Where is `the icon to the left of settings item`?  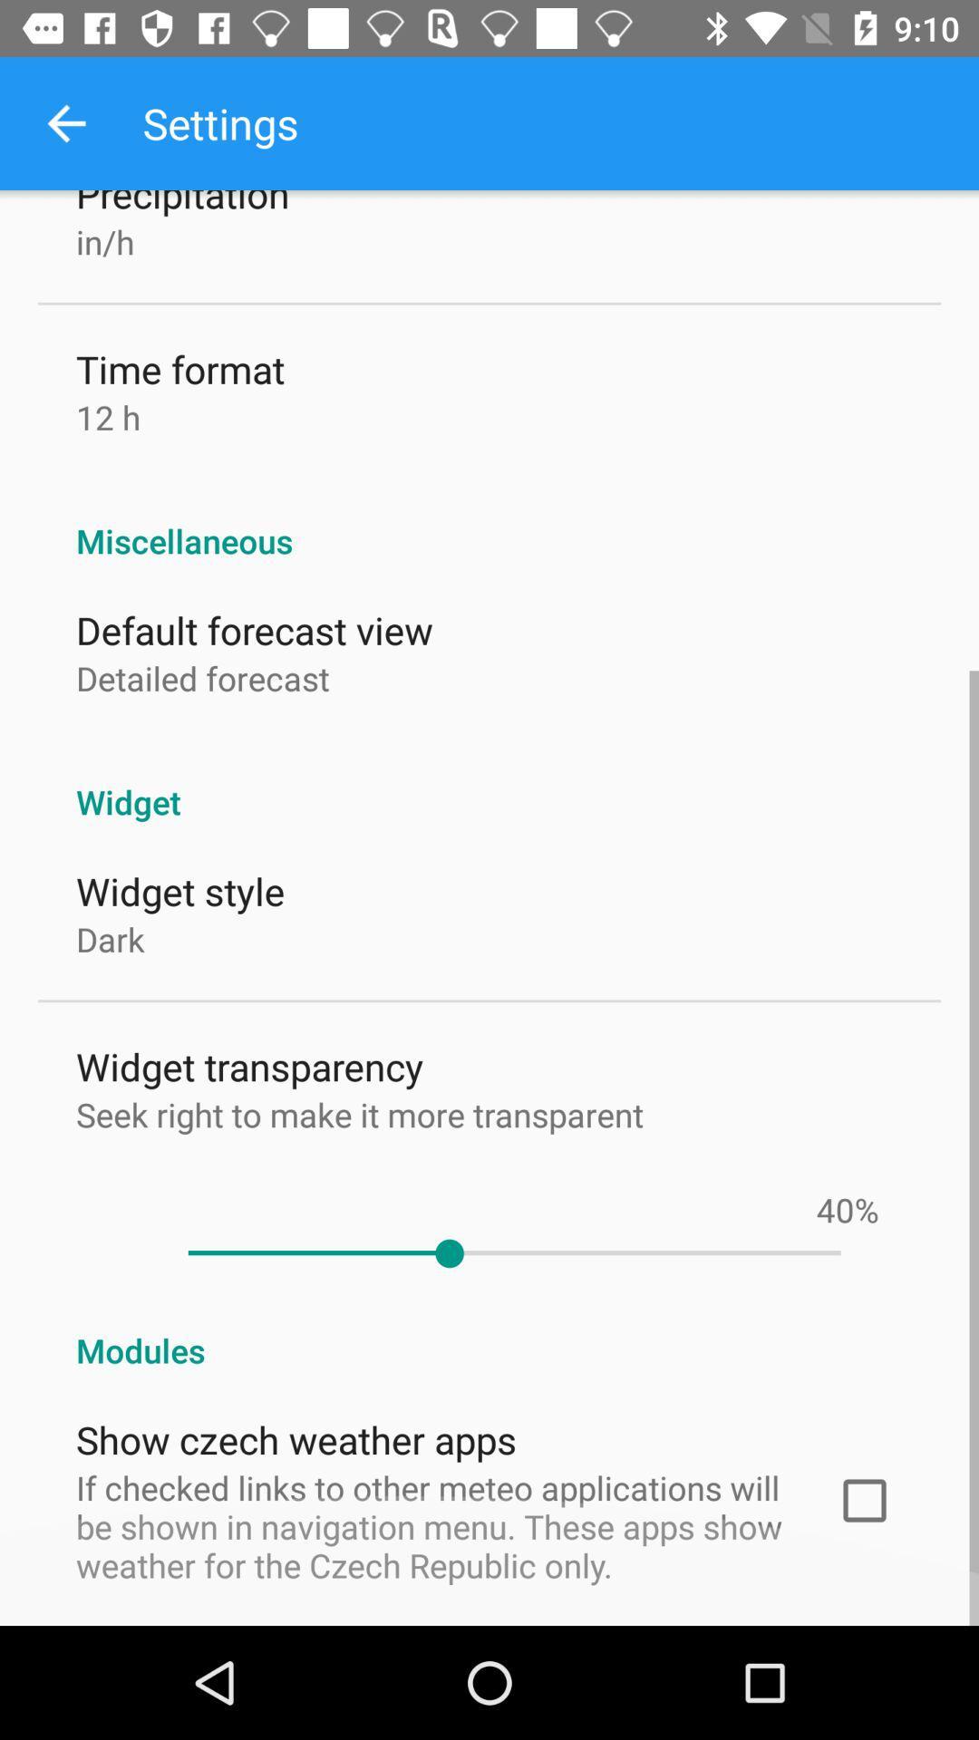
the icon to the left of settings item is located at coordinates (65, 122).